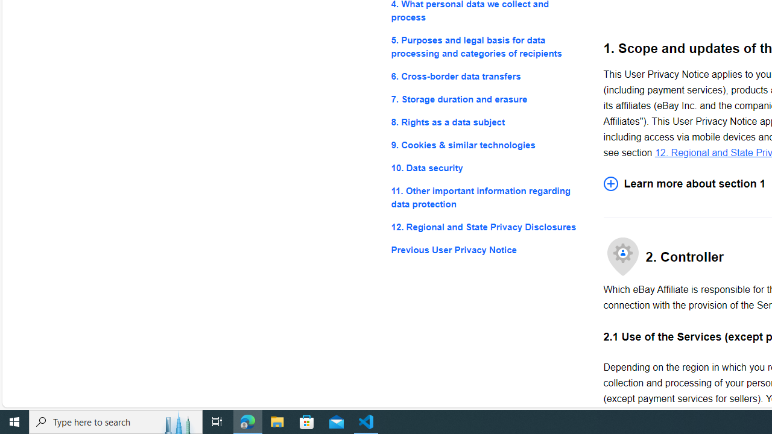 The height and width of the screenshot is (434, 772). I want to click on '12. Regional and State Privacy Disclosures', so click(487, 227).